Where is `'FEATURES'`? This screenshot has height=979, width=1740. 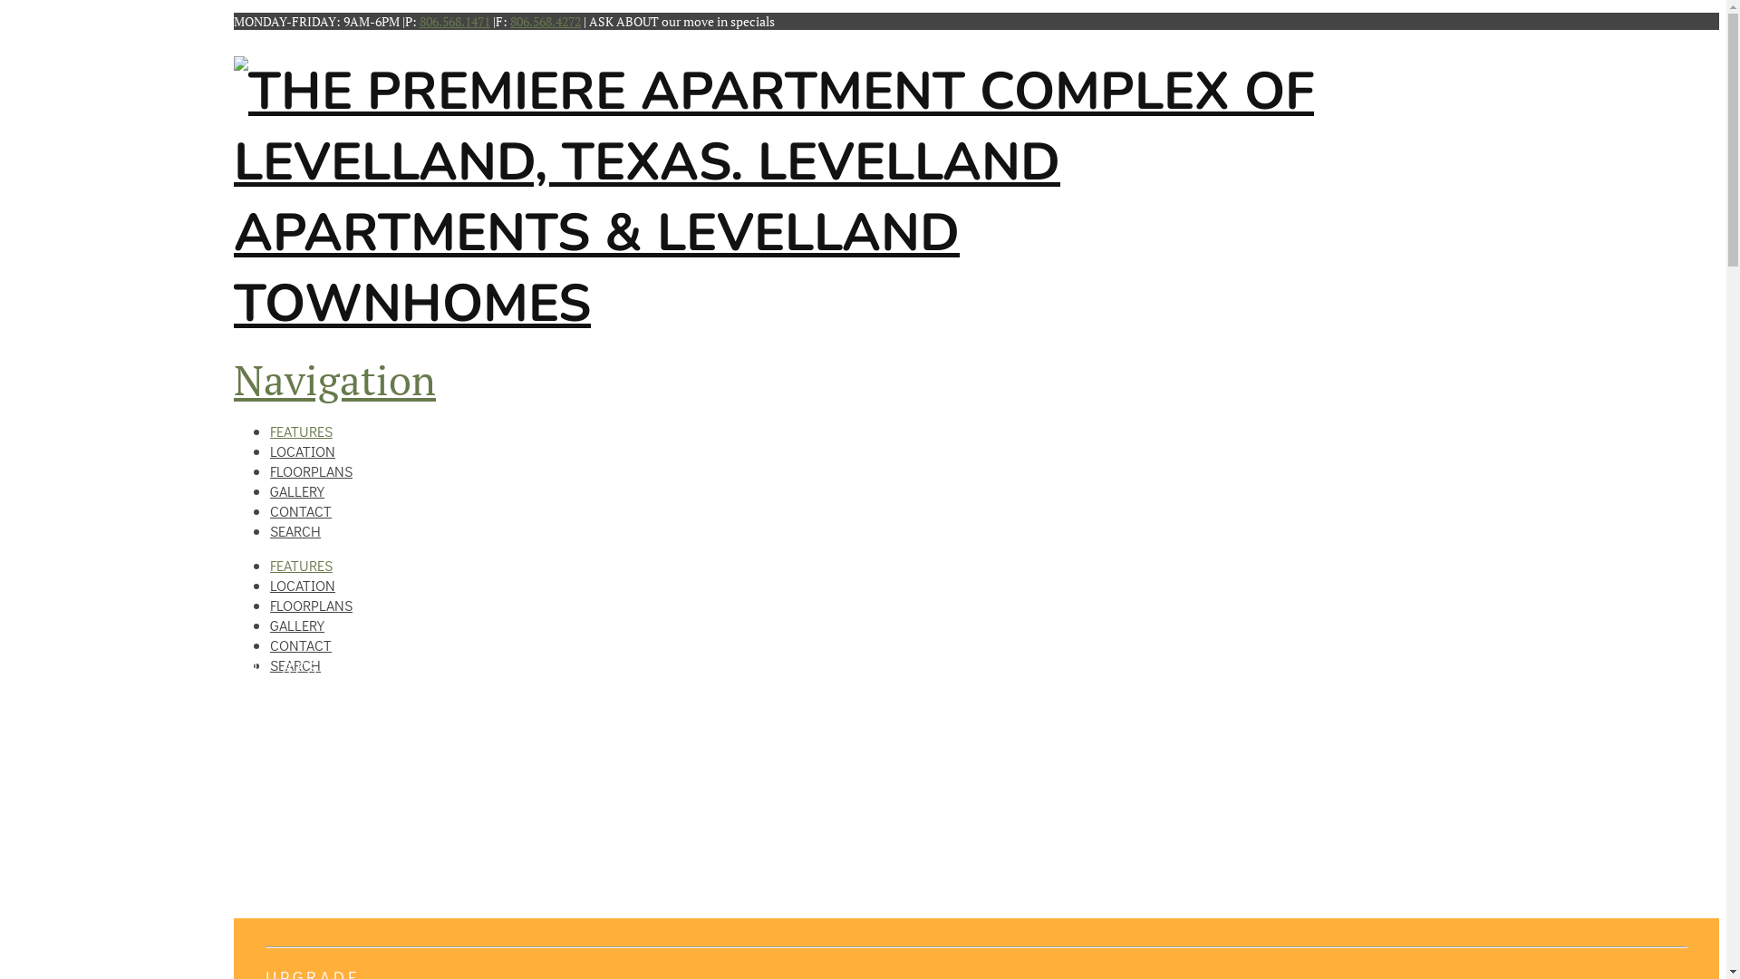 'FEATURES' is located at coordinates (301, 564).